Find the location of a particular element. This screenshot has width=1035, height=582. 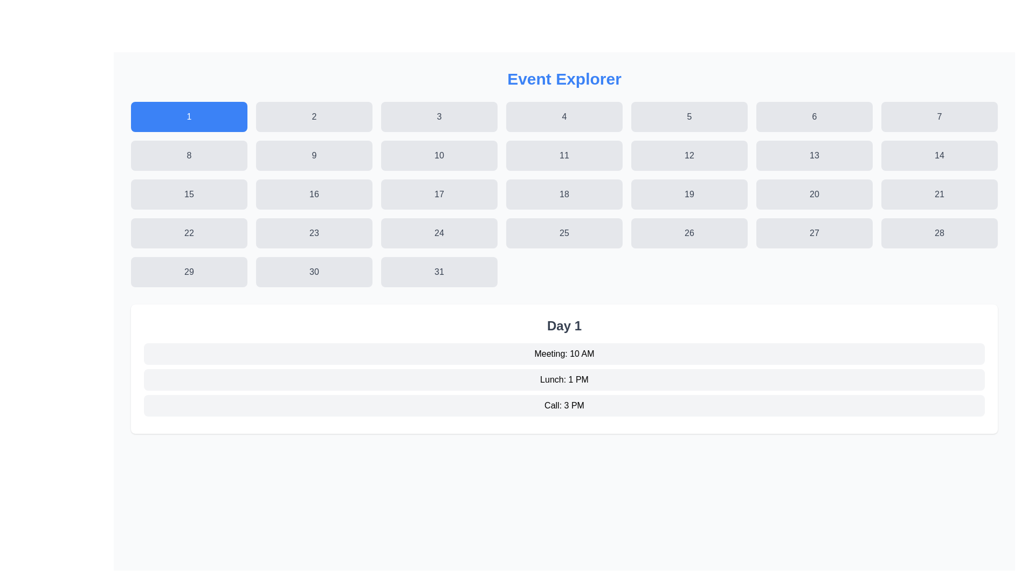

the button displaying the number '28' with a light gray background is located at coordinates (939, 232).